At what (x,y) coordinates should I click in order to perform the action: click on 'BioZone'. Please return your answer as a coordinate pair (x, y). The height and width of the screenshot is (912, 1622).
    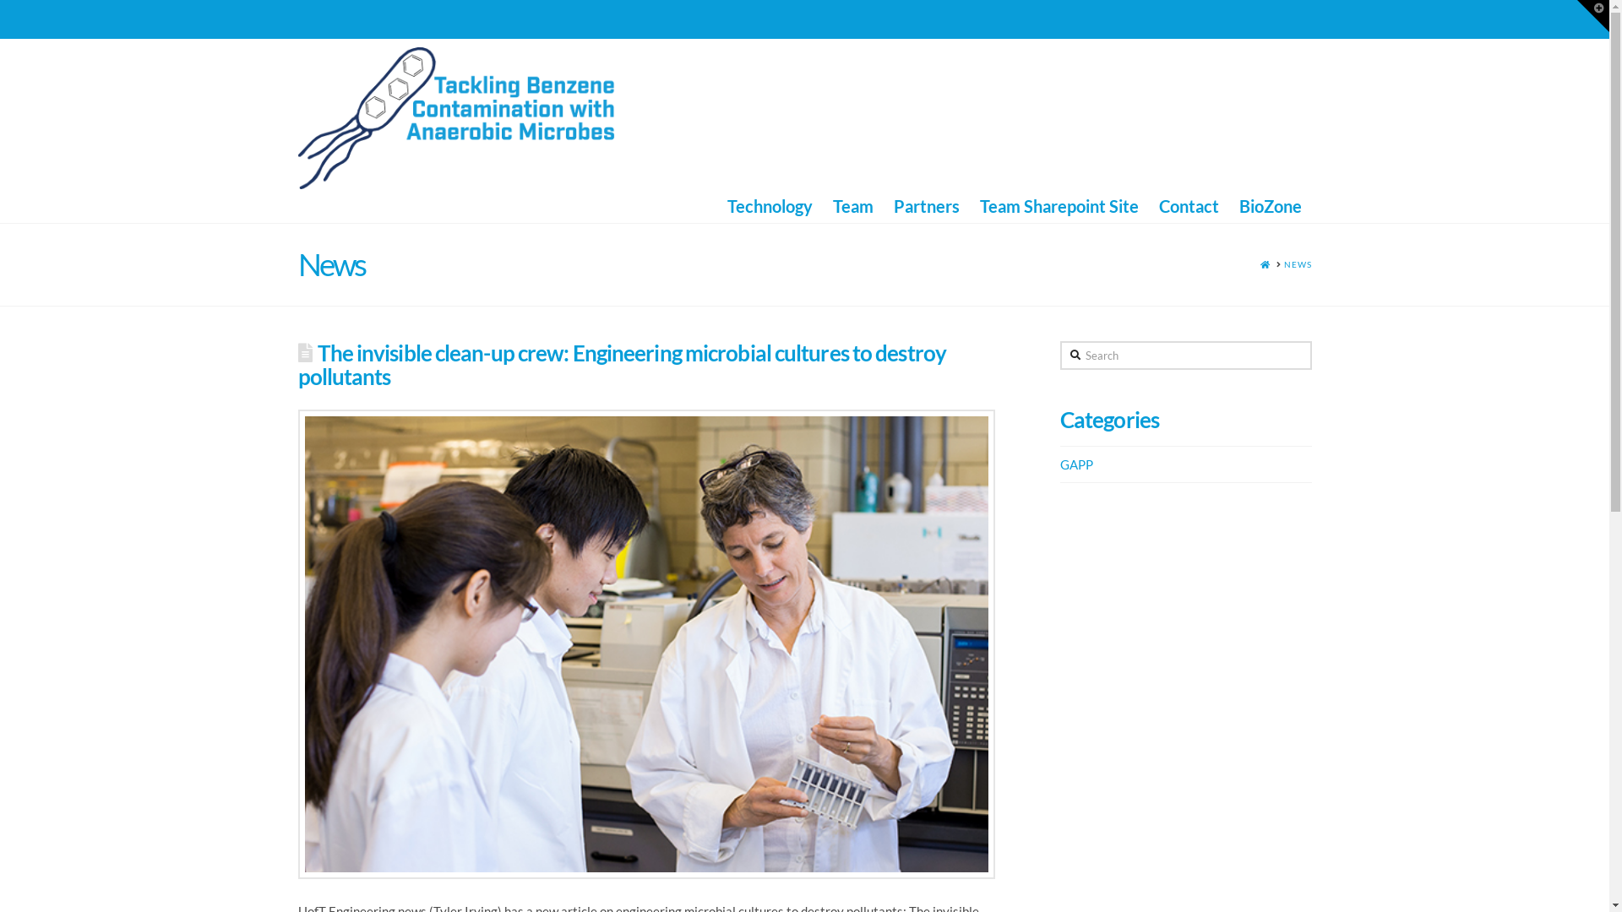
    Looking at the image, I should click on (1269, 204).